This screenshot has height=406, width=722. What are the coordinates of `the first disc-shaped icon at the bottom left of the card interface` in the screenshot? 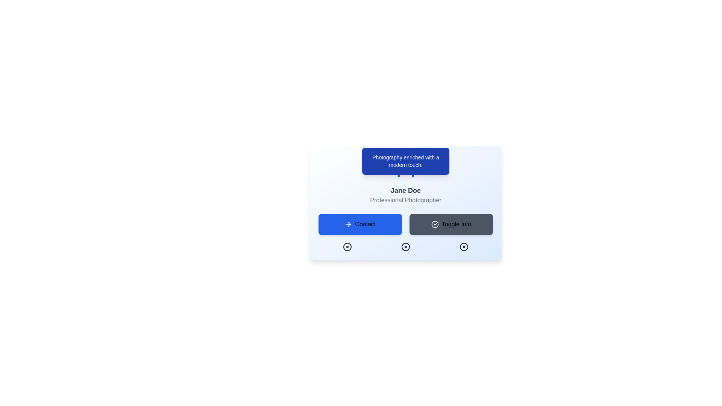 It's located at (347, 247).